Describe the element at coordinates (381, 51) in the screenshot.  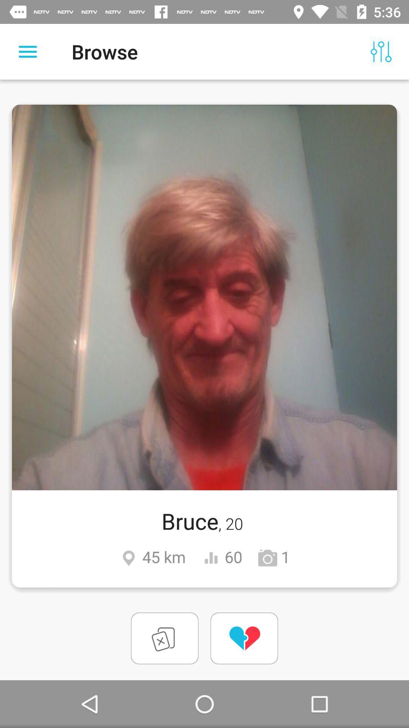
I see `item to the right of browse item` at that location.